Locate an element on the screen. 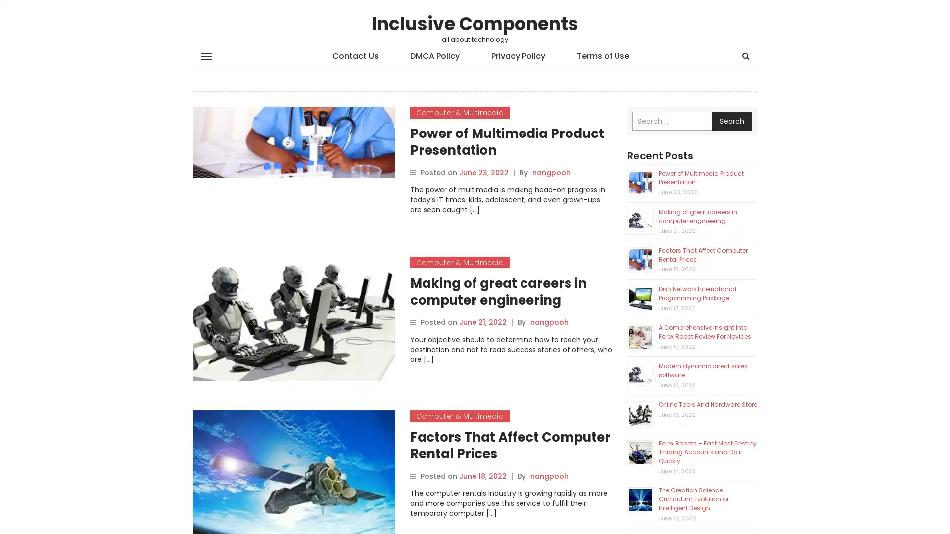  Search is located at coordinates (732, 121).